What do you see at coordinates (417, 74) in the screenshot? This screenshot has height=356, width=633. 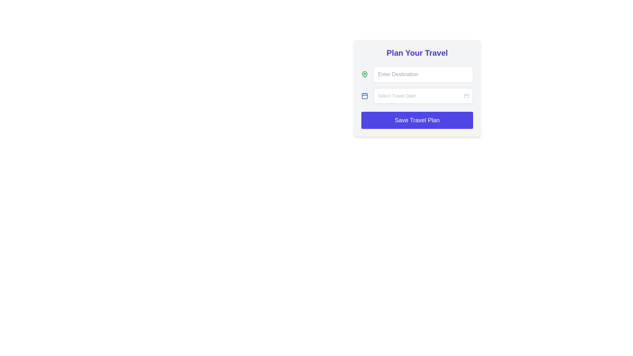 I see `the text input field labeled 'Enter Destination' next to the green map pin icon in the travel planning form` at bounding box center [417, 74].